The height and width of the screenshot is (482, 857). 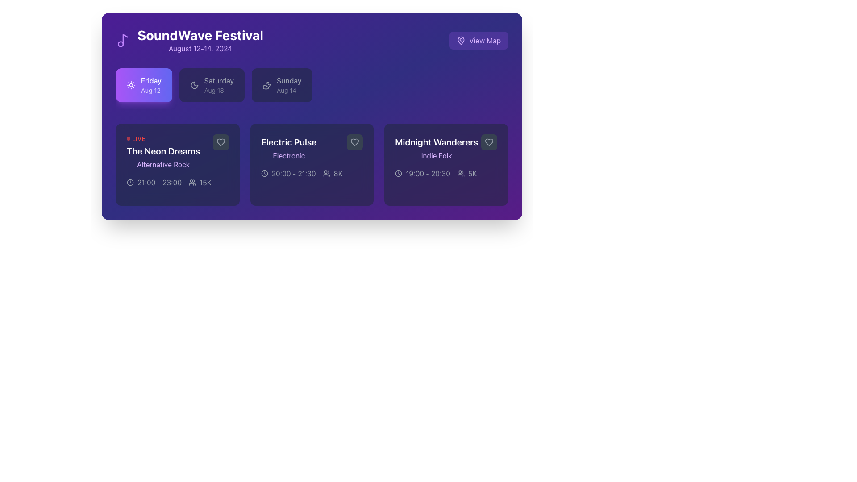 I want to click on the 'Sunday' tab label, which is the first text element in the rightmost tab of three date-related tabs in the event selection interface, so click(x=289, y=81).